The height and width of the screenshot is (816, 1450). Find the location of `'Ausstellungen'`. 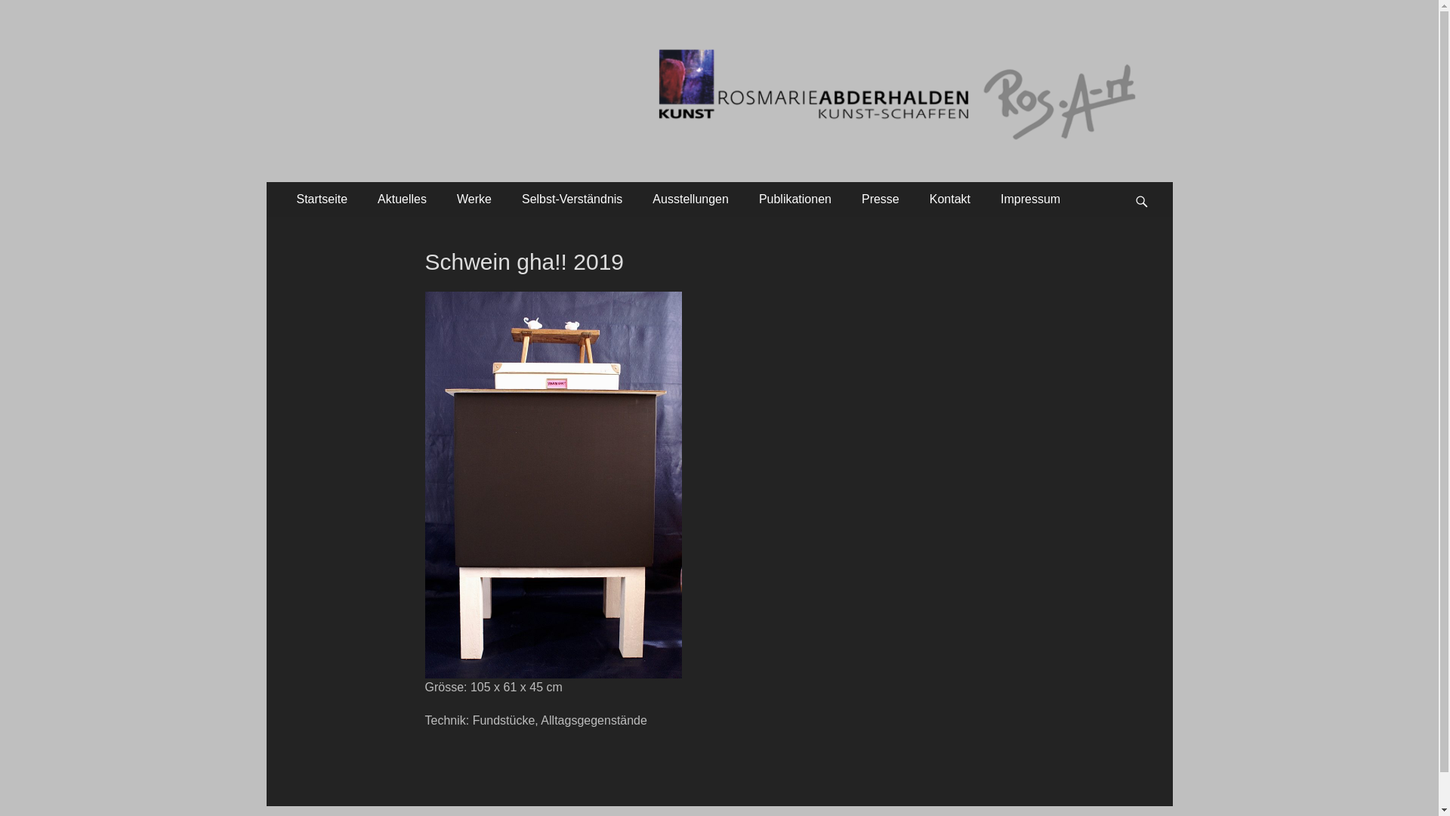

'Ausstellungen' is located at coordinates (690, 198).